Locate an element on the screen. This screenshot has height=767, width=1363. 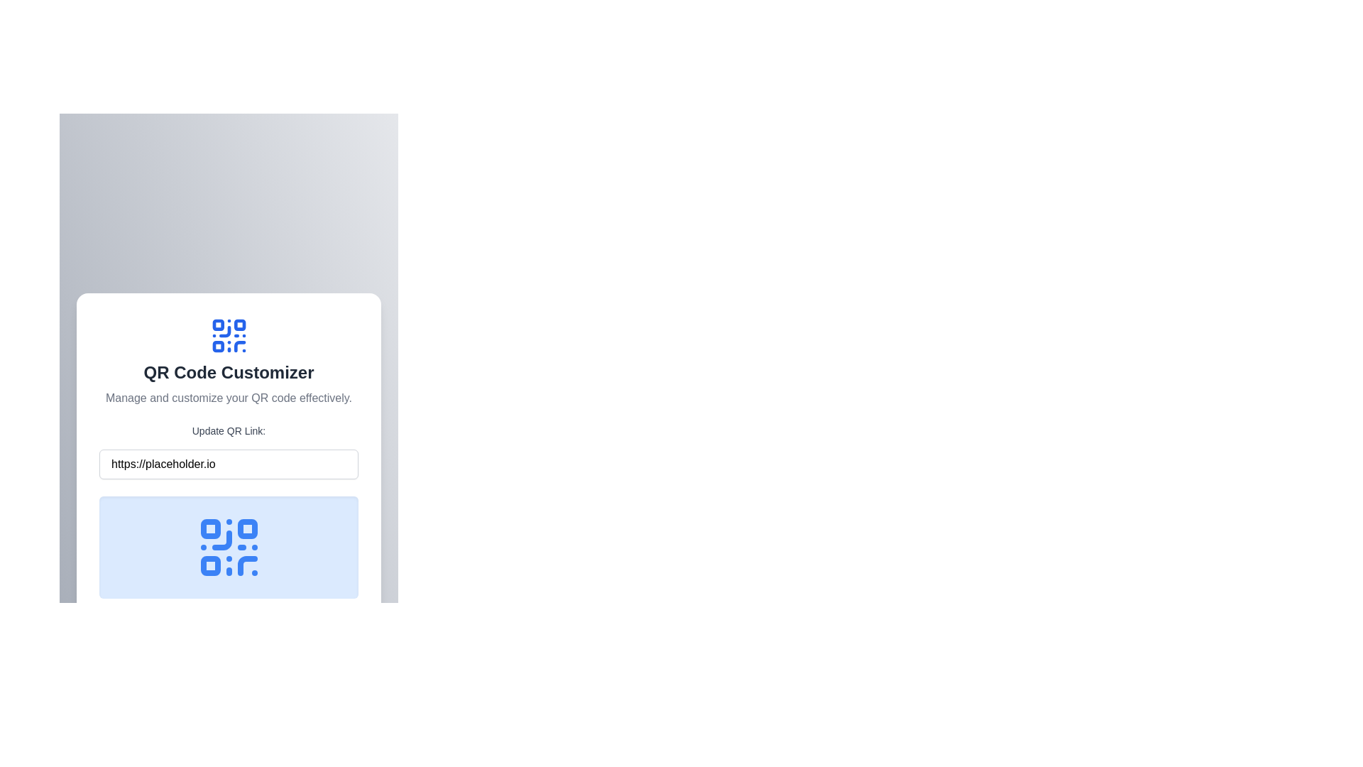
the blue square with rounded corners, which is the second square in the top row of three identical squares in the QR code graphic located at the bottom of the interface is located at coordinates (247, 528).